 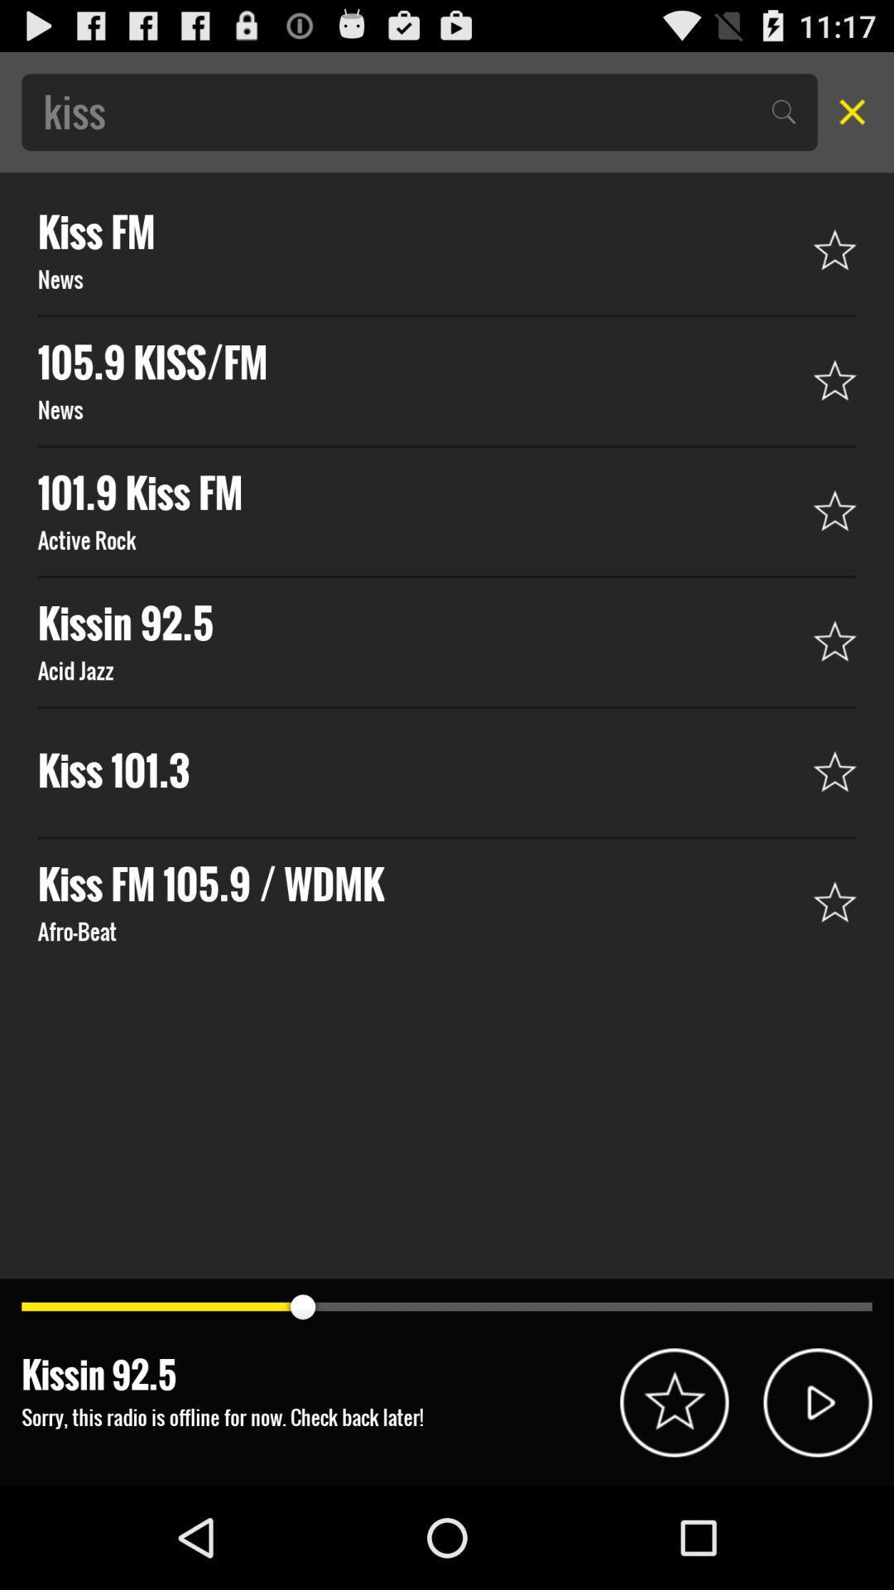 What do you see at coordinates (674, 1401) in the screenshot?
I see `to favorites` at bounding box center [674, 1401].